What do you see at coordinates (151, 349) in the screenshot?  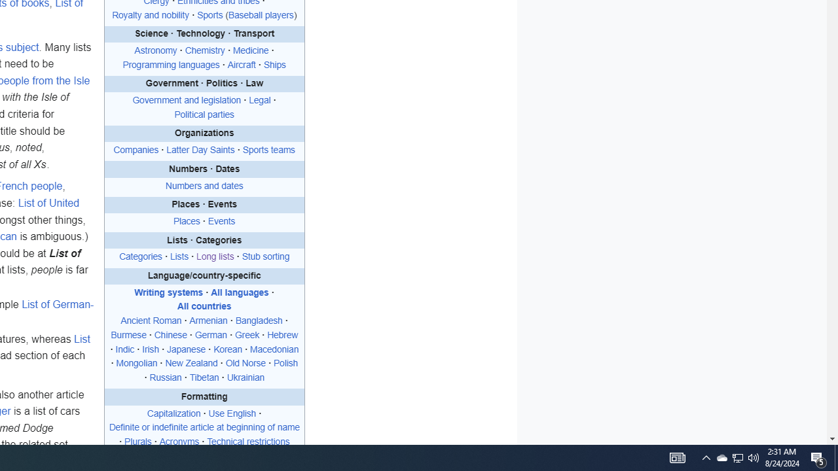 I see `'Irish'` at bounding box center [151, 349].